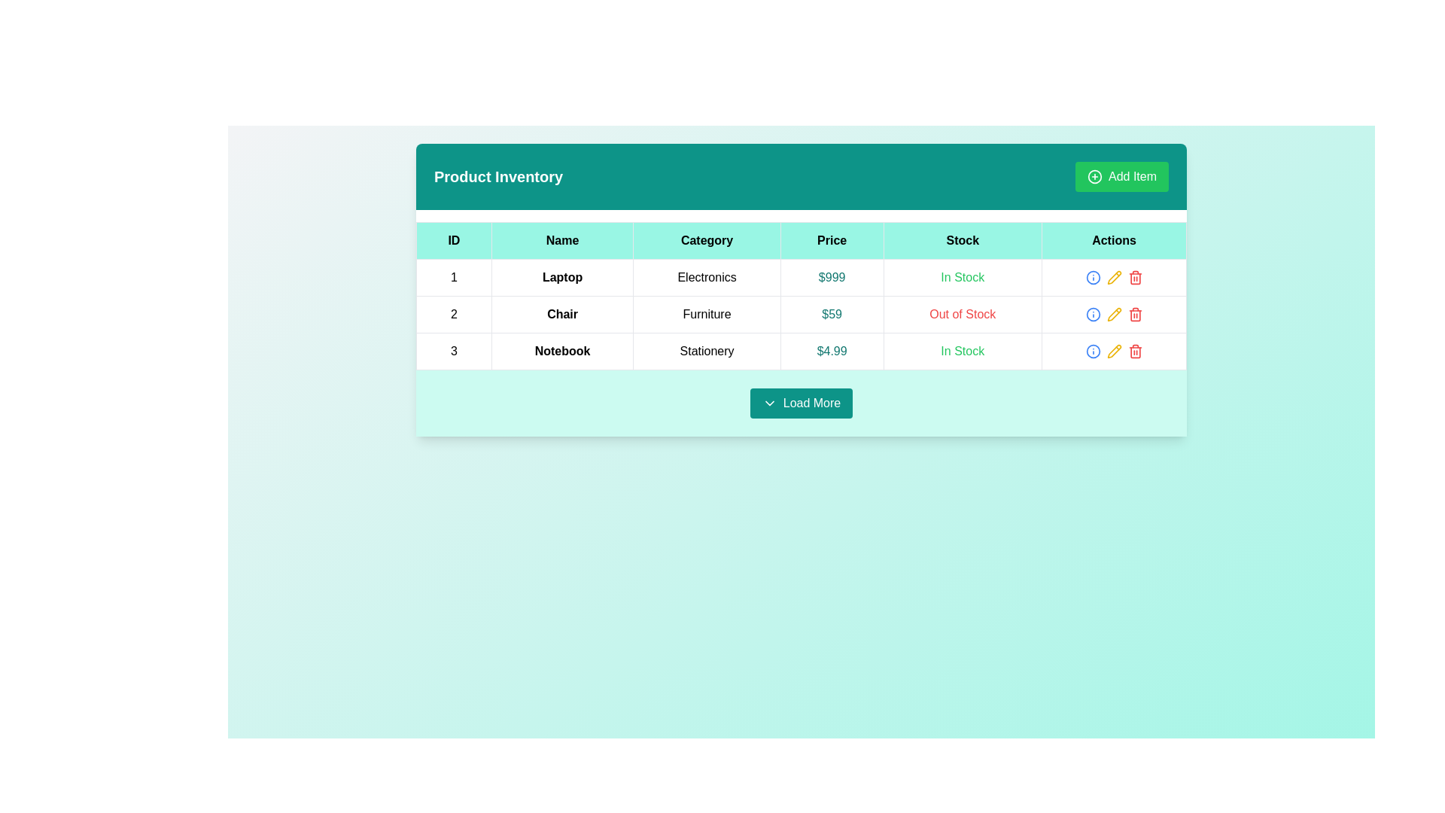 The height and width of the screenshot is (813, 1445). Describe the element at coordinates (1135, 313) in the screenshot. I see `the red trash bin icon button` at that location.